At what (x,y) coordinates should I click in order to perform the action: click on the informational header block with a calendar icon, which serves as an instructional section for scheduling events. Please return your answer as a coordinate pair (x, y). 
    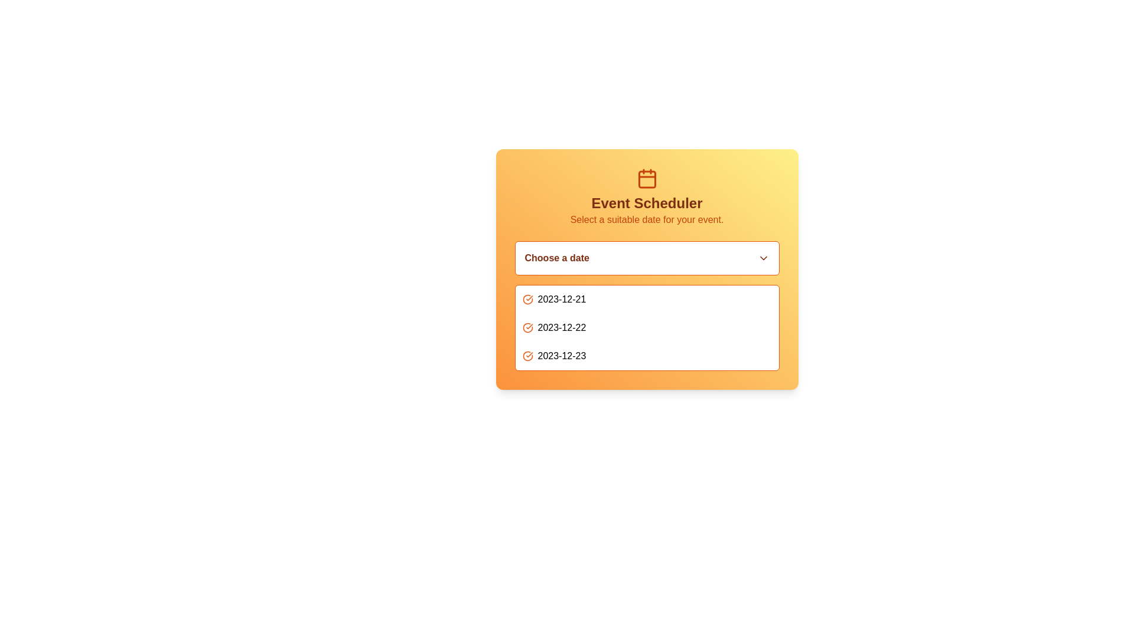
    Looking at the image, I should click on (646, 197).